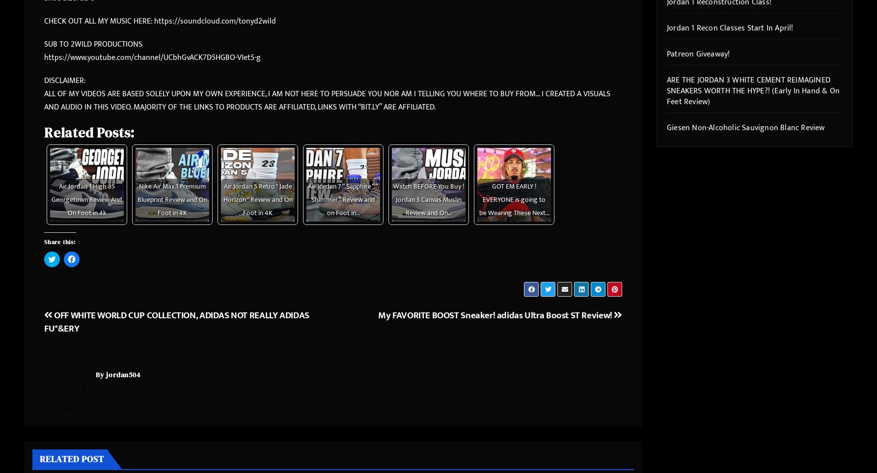 The image size is (877, 473). What do you see at coordinates (495, 315) in the screenshot?
I see `'My FAVORITE BOOST Sneaker! adidas Ultra Boost ST Review!'` at bounding box center [495, 315].